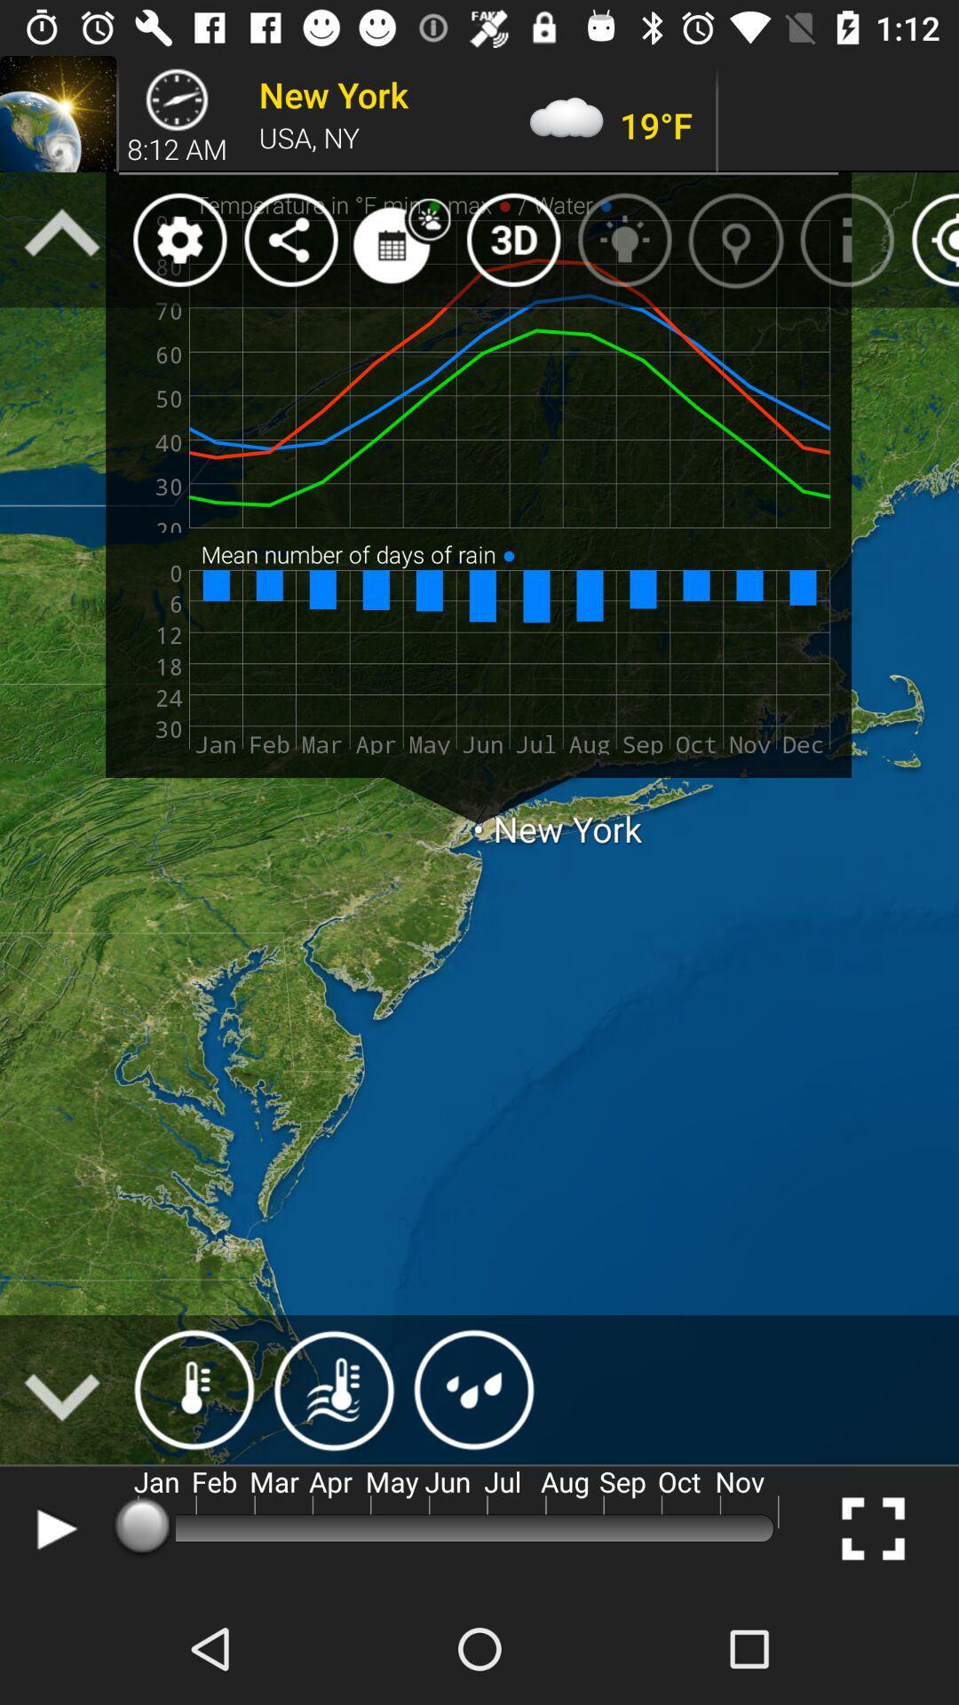  What do you see at coordinates (334, 1389) in the screenshot?
I see `the weather icon` at bounding box center [334, 1389].